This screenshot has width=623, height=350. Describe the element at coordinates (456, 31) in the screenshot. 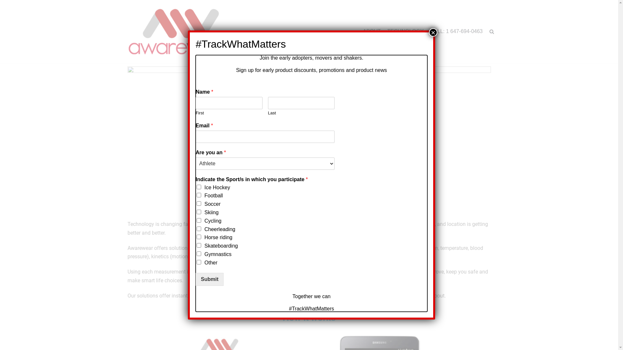

I see `'CALL: 1 647-694-0463'` at that location.